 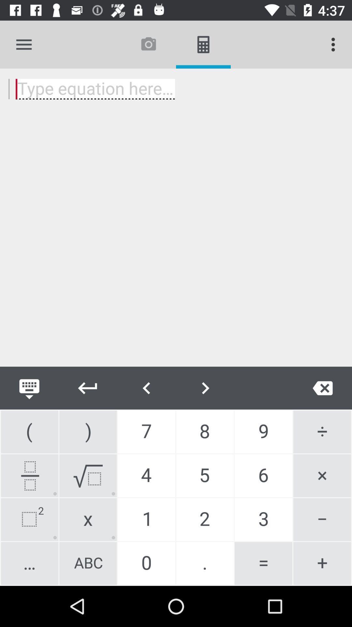 What do you see at coordinates (23, 44) in the screenshot?
I see `open settings` at bounding box center [23, 44].